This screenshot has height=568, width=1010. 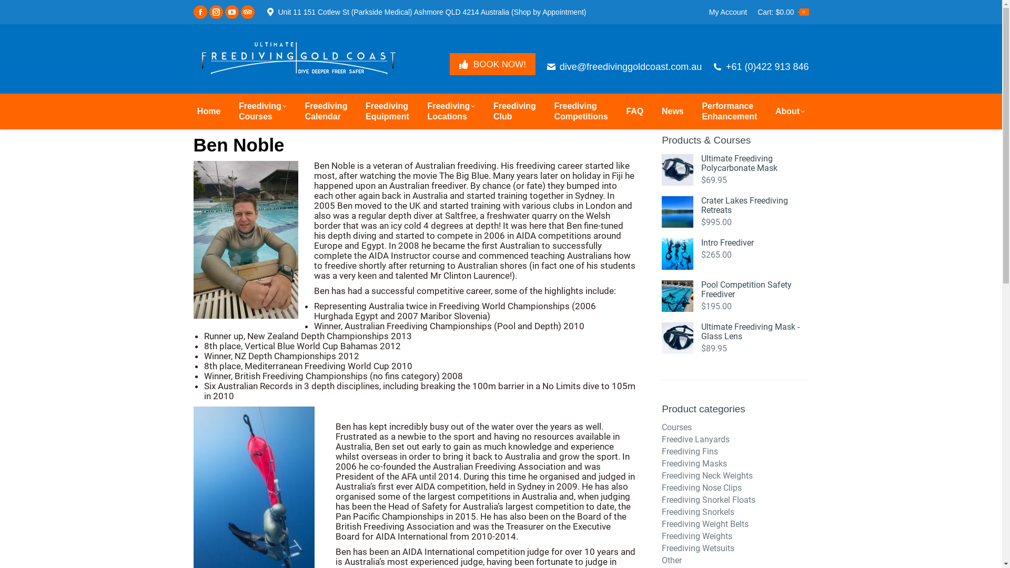 What do you see at coordinates (709, 500) in the screenshot?
I see `'Freediving Snorkel Floats'` at bounding box center [709, 500].